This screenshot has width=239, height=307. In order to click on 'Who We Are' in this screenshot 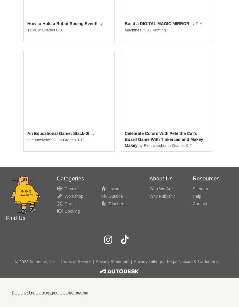, I will do `click(161, 188)`.